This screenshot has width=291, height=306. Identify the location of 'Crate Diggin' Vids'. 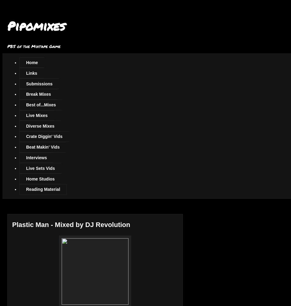
(44, 136).